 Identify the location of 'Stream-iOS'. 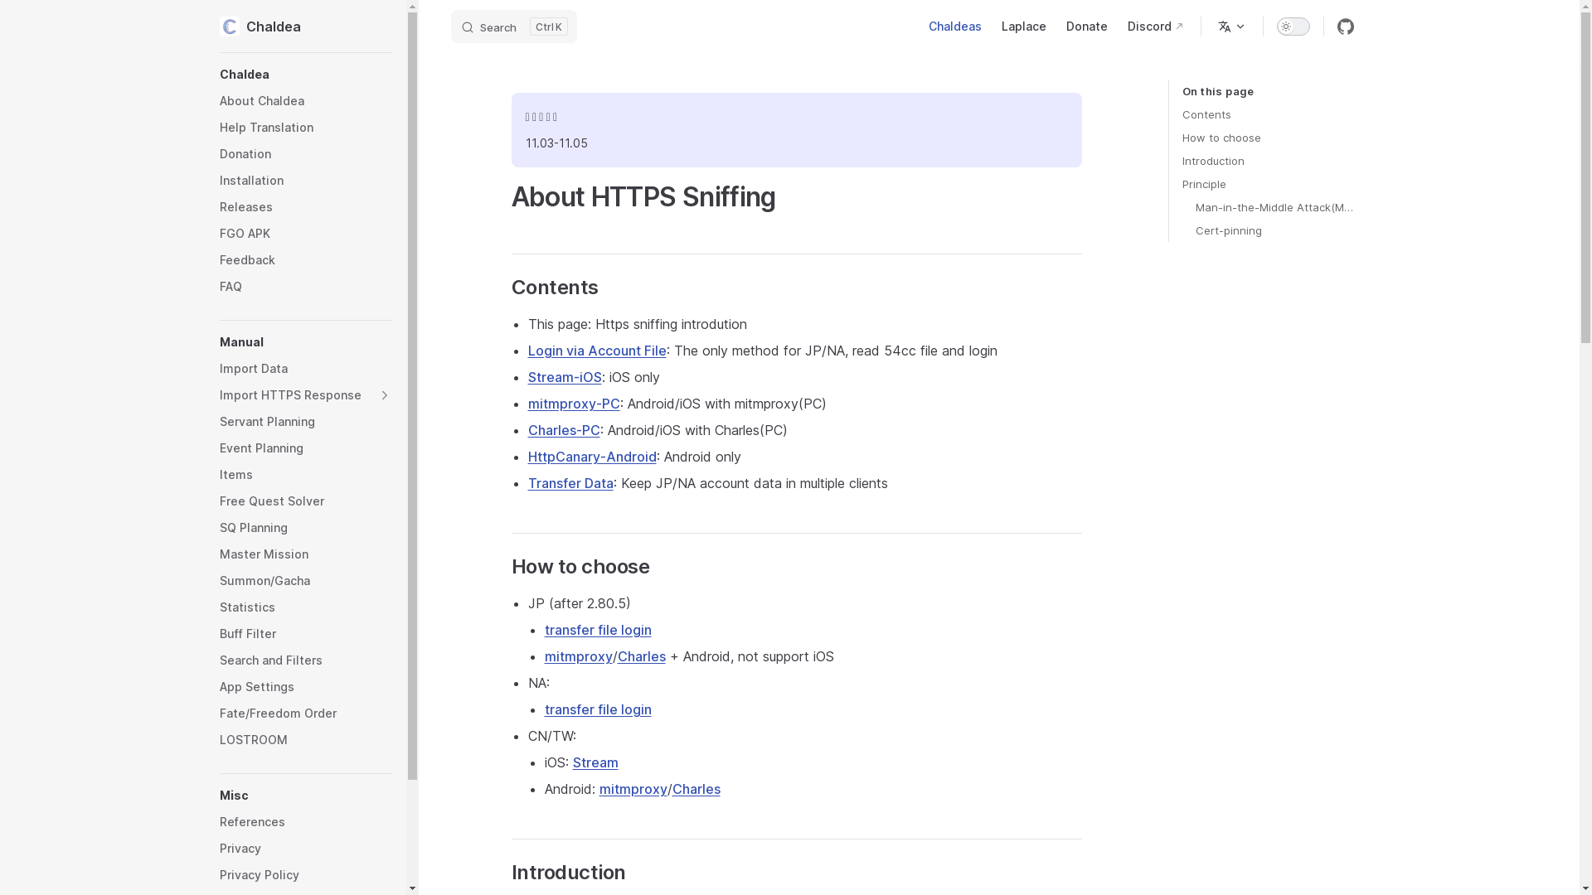
(564, 377).